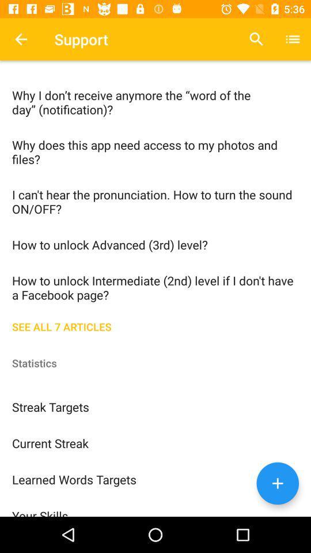  What do you see at coordinates (155, 406) in the screenshot?
I see `icon above current streak` at bounding box center [155, 406].